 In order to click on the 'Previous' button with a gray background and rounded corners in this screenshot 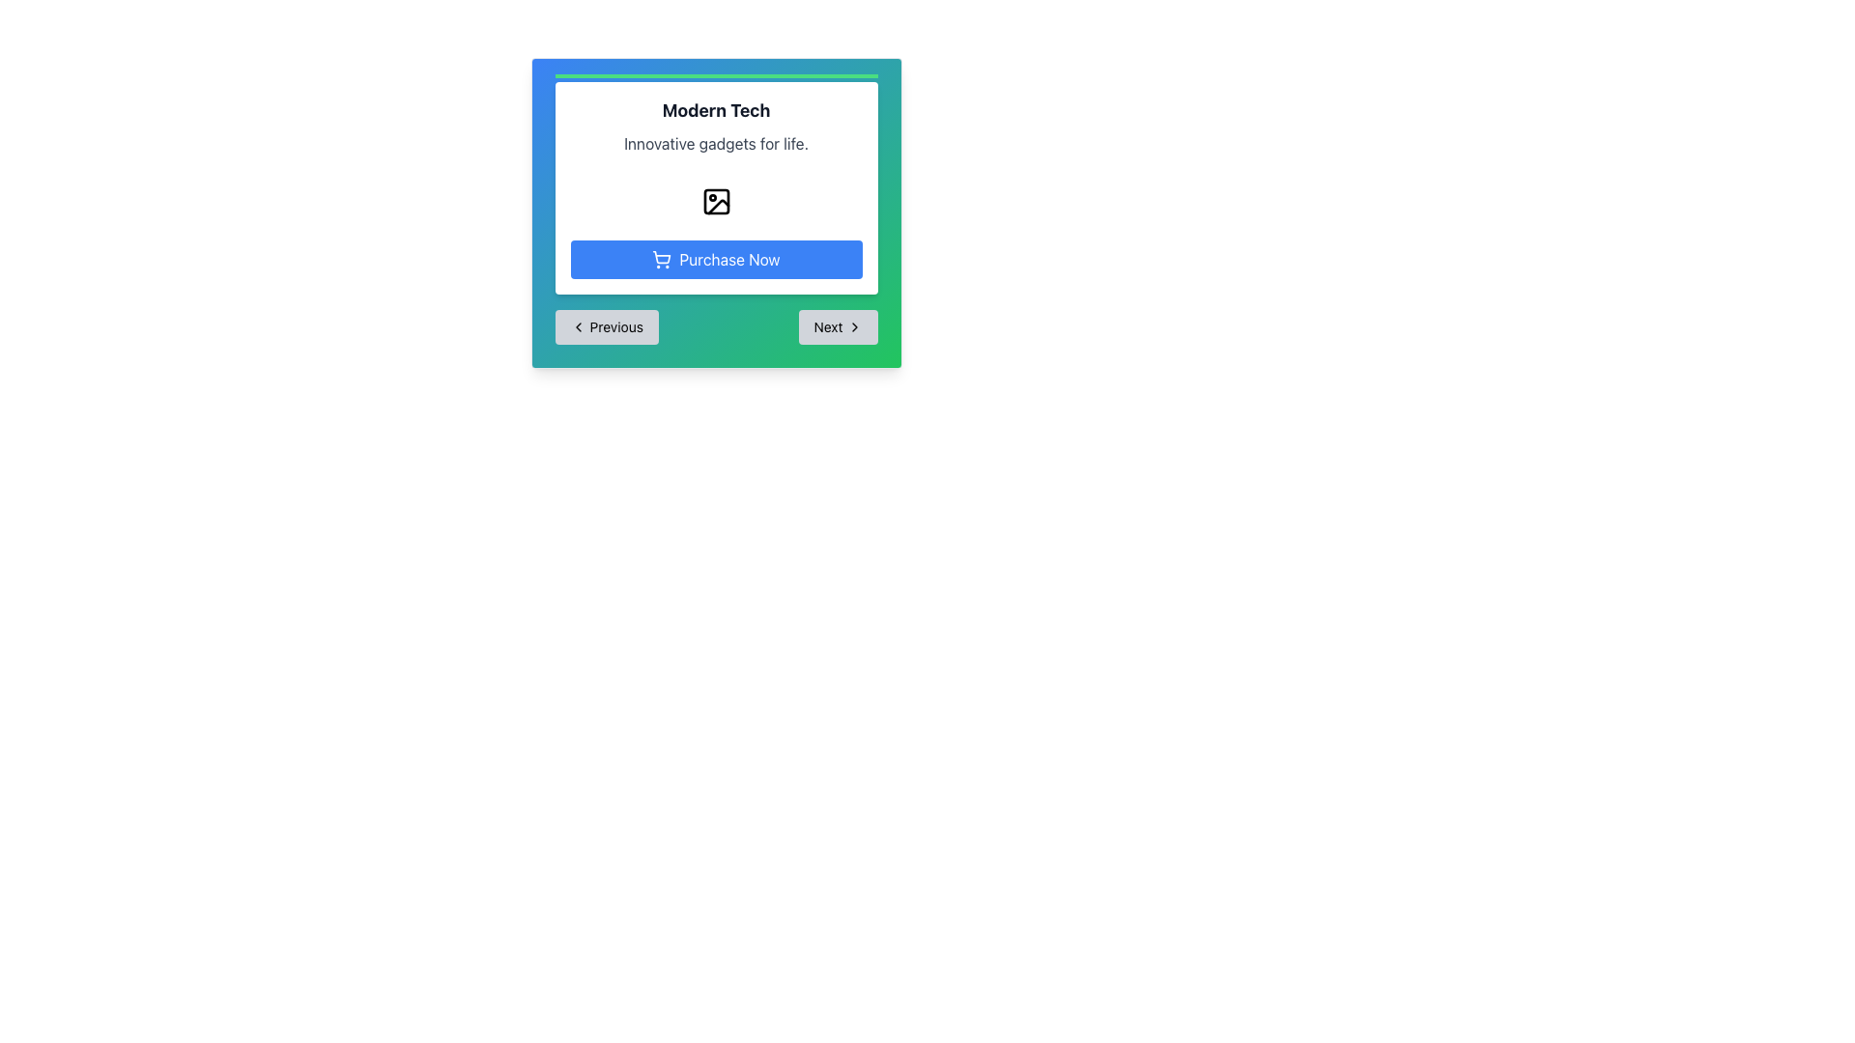, I will do `click(606, 326)`.